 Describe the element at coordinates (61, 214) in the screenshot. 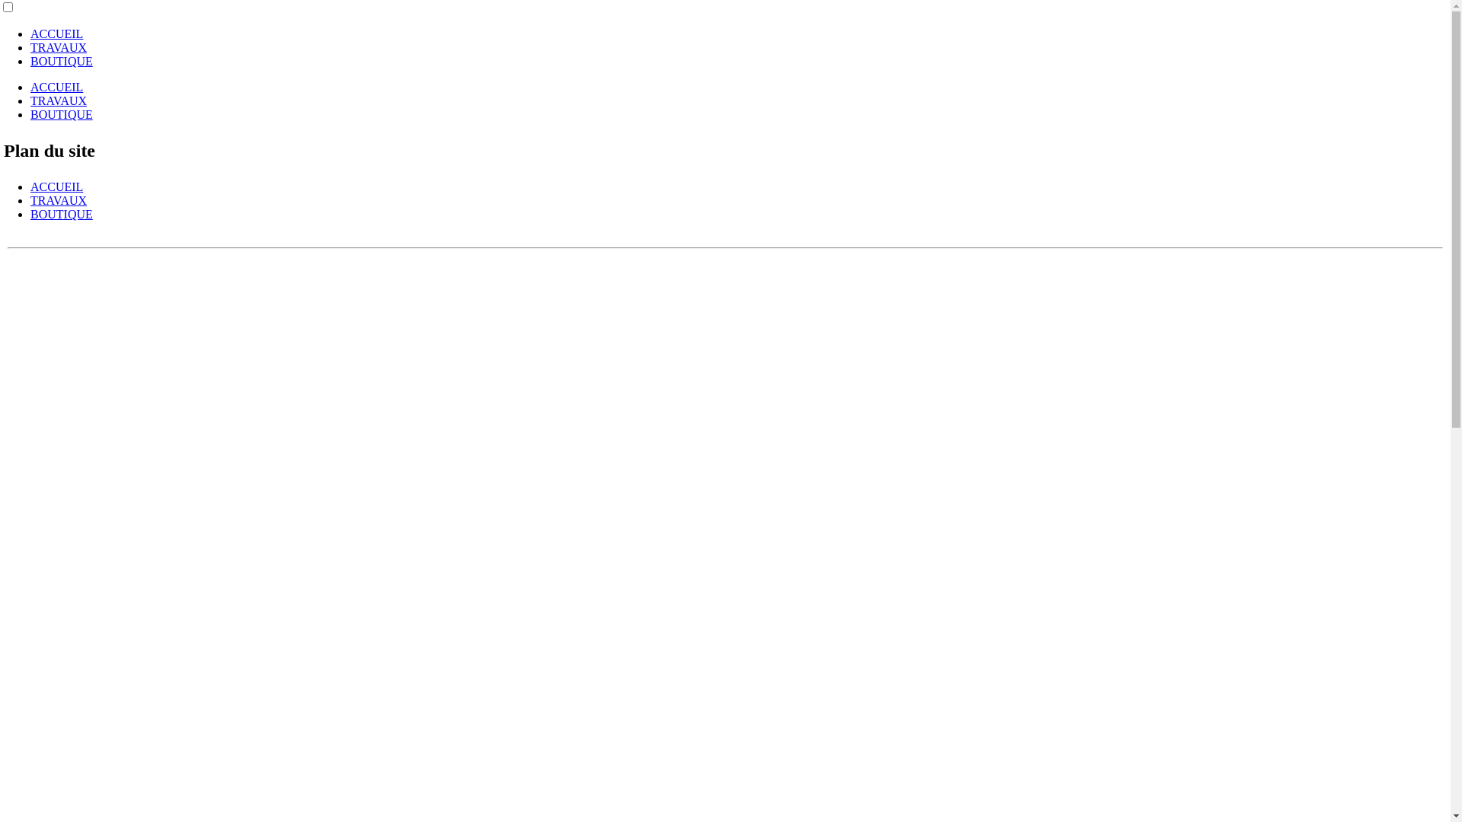

I see `'BOUTIQUE'` at that location.